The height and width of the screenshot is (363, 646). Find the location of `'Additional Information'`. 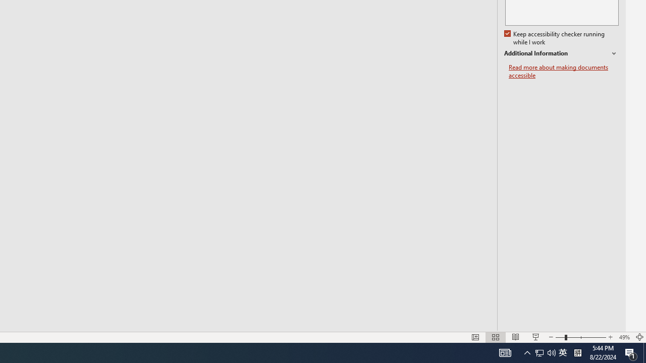

'Additional Information' is located at coordinates (561, 53).